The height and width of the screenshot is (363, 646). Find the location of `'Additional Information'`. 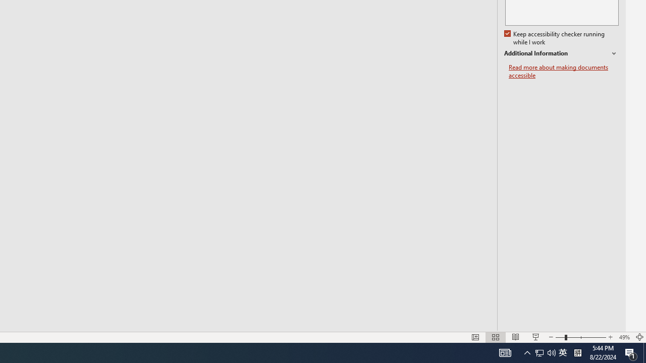

'Additional Information' is located at coordinates (561, 53).